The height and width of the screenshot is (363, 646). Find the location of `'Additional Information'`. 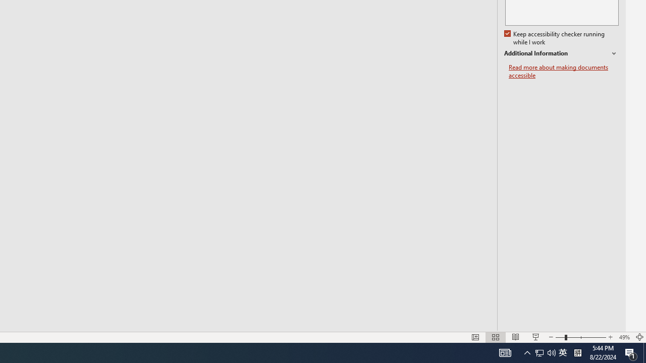

'Additional Information' is located at coordinates (561, 53).